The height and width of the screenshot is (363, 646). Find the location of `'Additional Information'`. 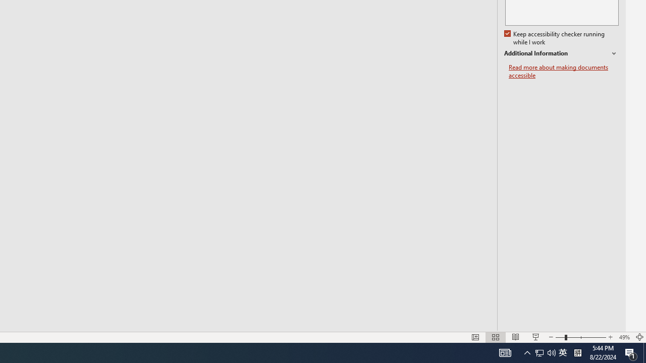

'Additional Information' is located at coordinates (561, 53).